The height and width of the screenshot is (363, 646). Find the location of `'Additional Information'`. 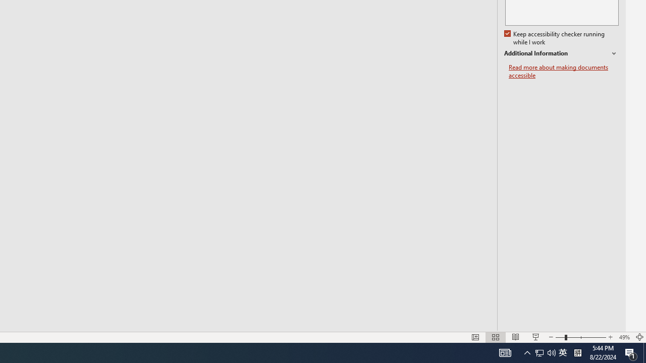

'Additional Information' is located at coordinates (561, 53).